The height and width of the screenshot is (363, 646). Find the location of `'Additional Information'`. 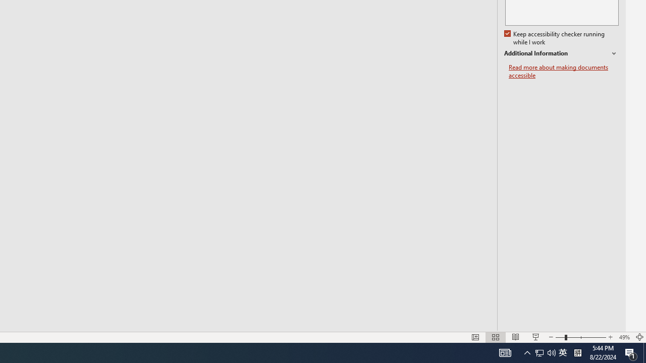

'Additional Information' is located at coordinates (561, 53).